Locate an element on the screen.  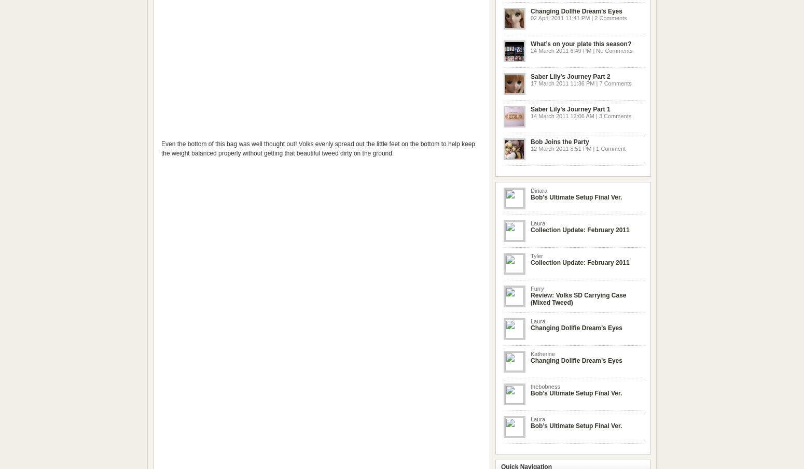
'Katherine' is located at coordinates (543, 354).